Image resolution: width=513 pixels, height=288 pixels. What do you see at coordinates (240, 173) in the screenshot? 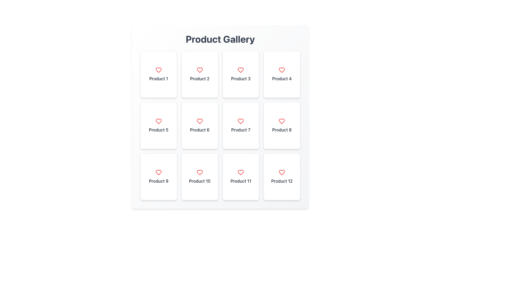
I see `the interactive heart icon in the 'Product 11' card` at bounding box center [240, 173].